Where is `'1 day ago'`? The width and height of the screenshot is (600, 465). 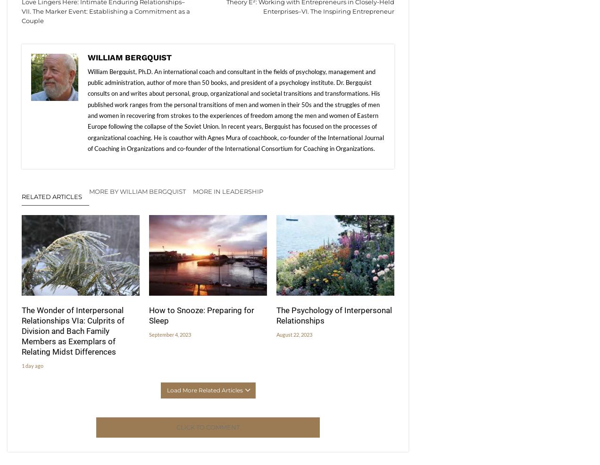 '1 day ago' is located at coordinates (32, 365).